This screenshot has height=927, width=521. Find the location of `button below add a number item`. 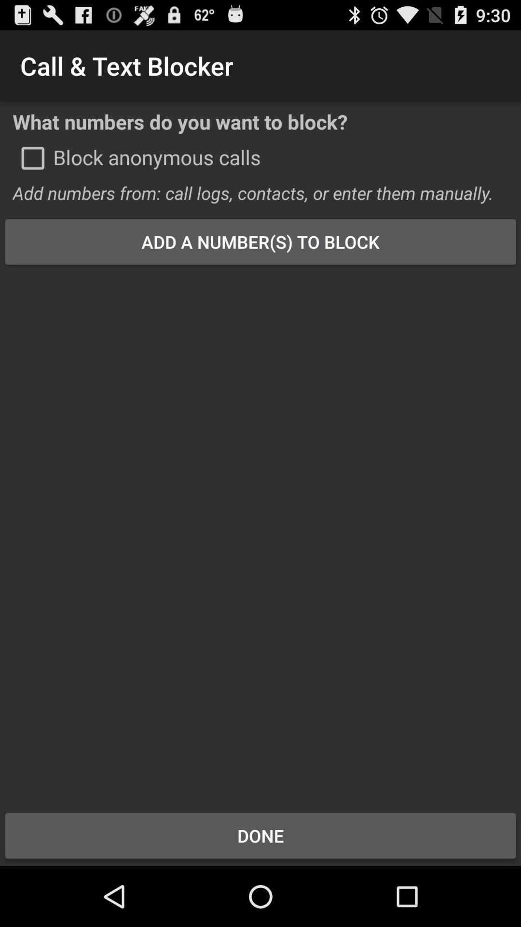

button below add a number item is located at coordinates (260, 532).